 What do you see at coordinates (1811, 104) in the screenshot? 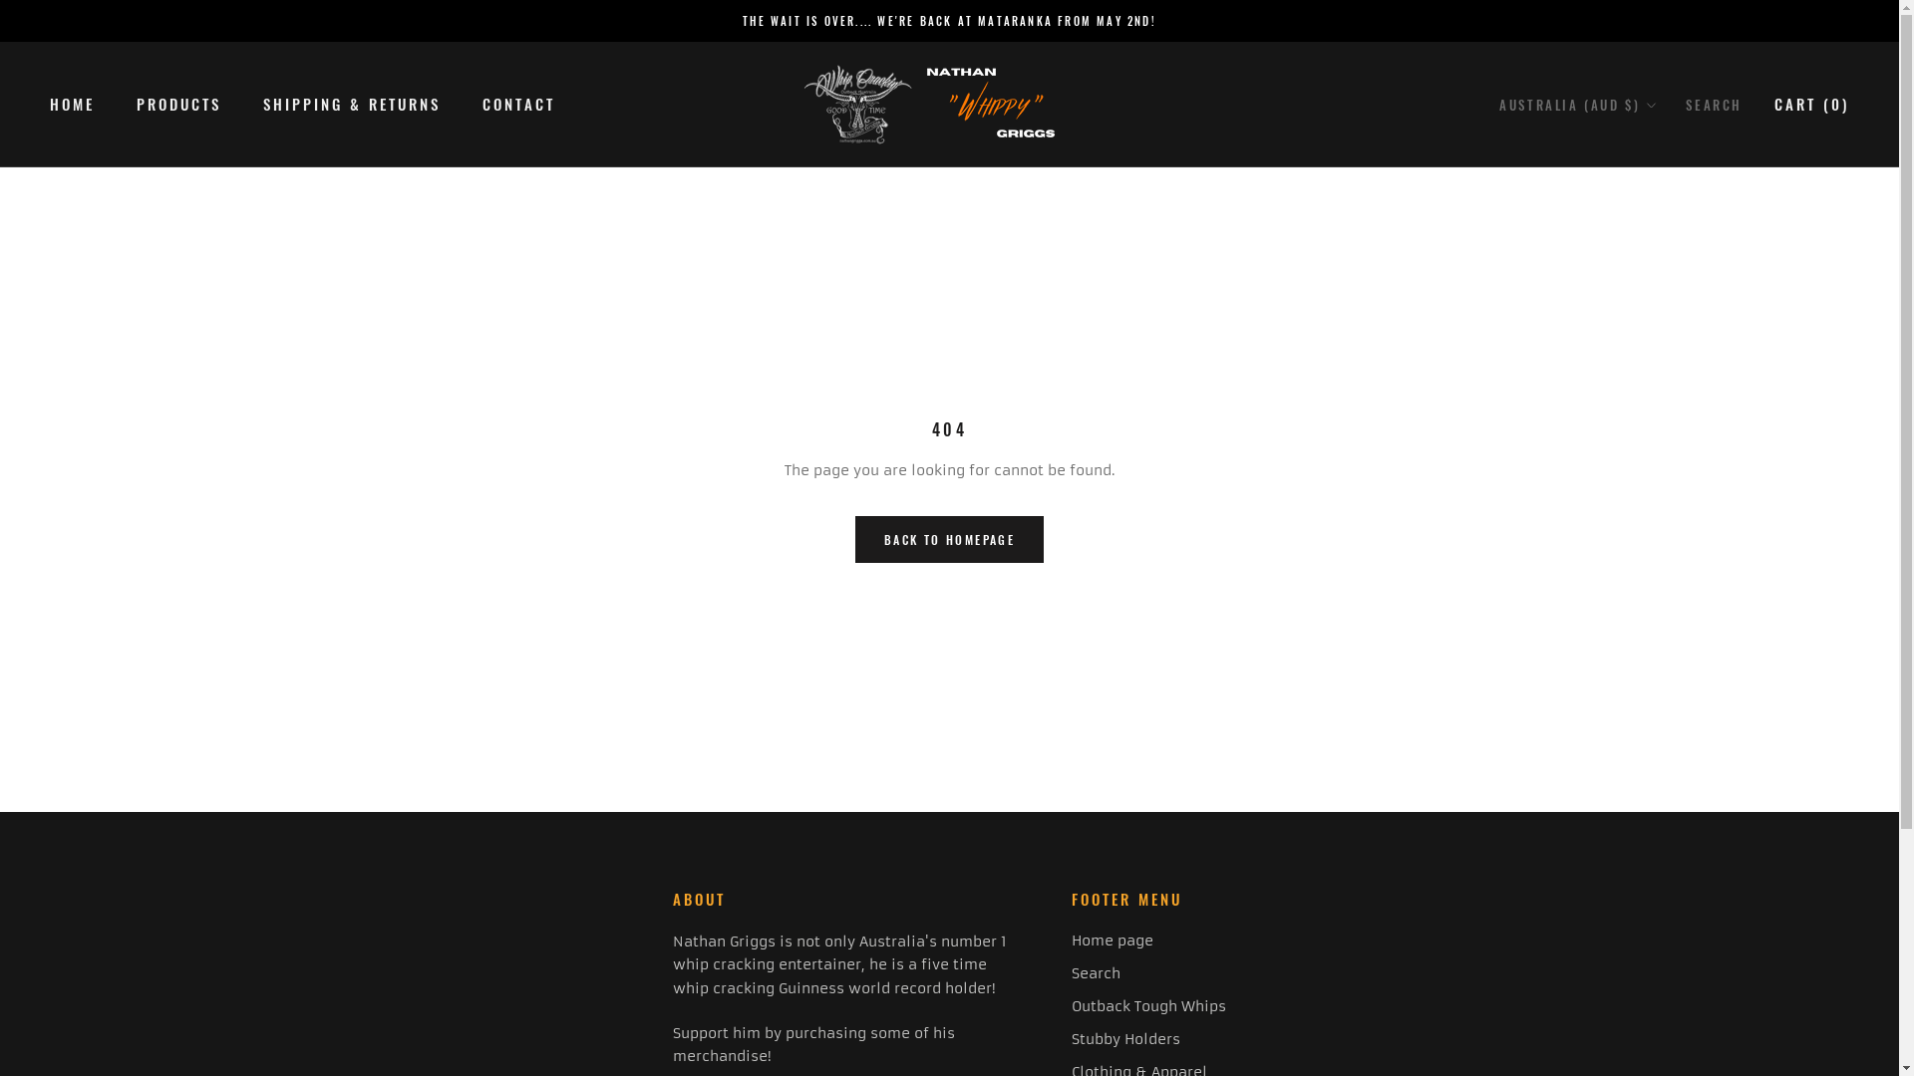
I see `'CART (0)'` at bounding box center [1811, 104].